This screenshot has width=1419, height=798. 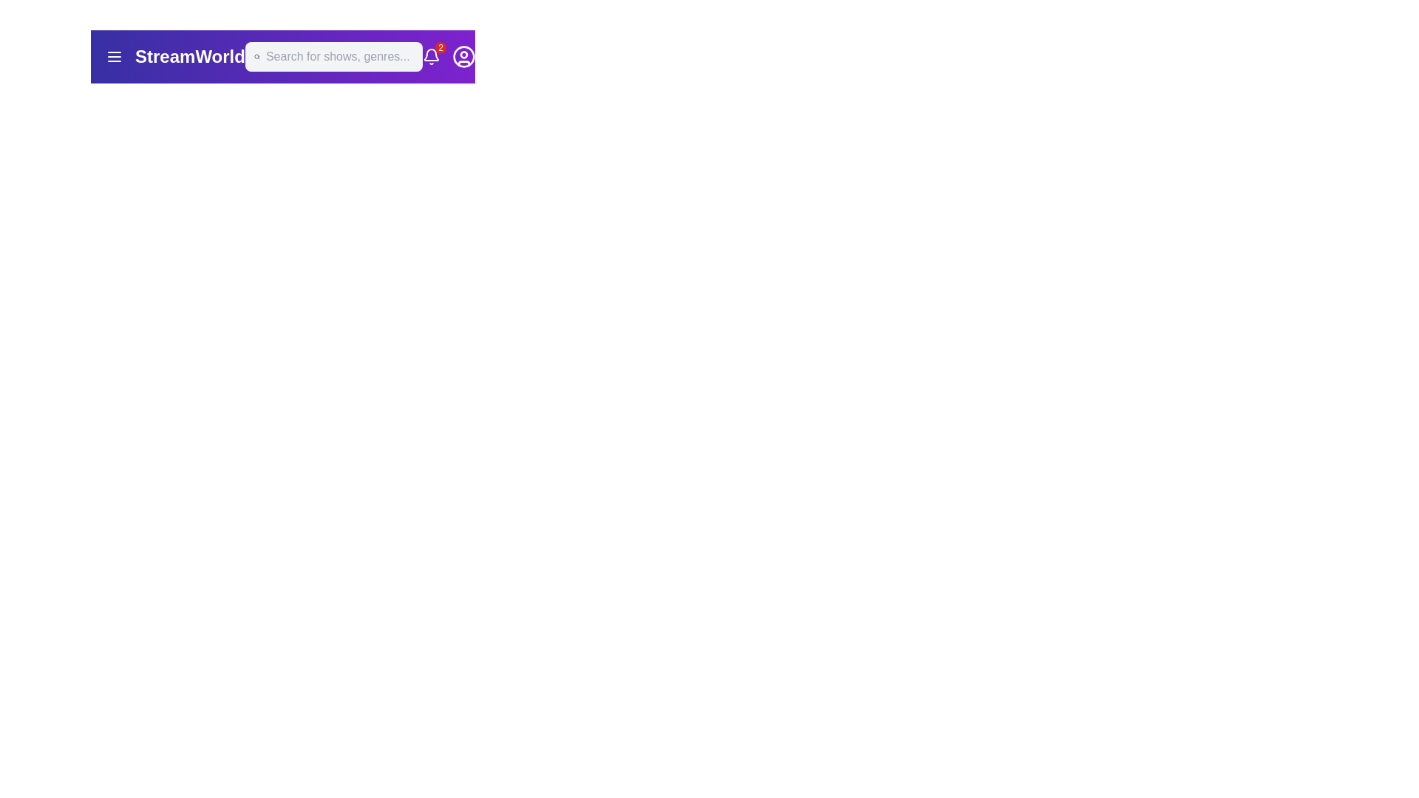 What do you see at coordinates (333, 56) in the screenshot?
I see `the search bar located in the upper center of the purple navigation header` at bounding box center [333, 56].